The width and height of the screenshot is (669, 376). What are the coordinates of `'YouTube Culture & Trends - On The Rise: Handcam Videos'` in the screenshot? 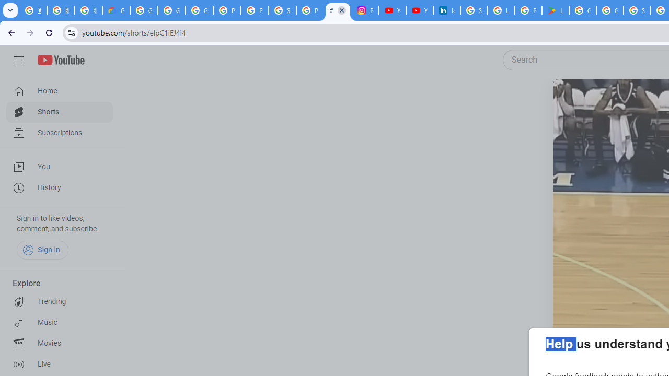 It's located at (391, 10).